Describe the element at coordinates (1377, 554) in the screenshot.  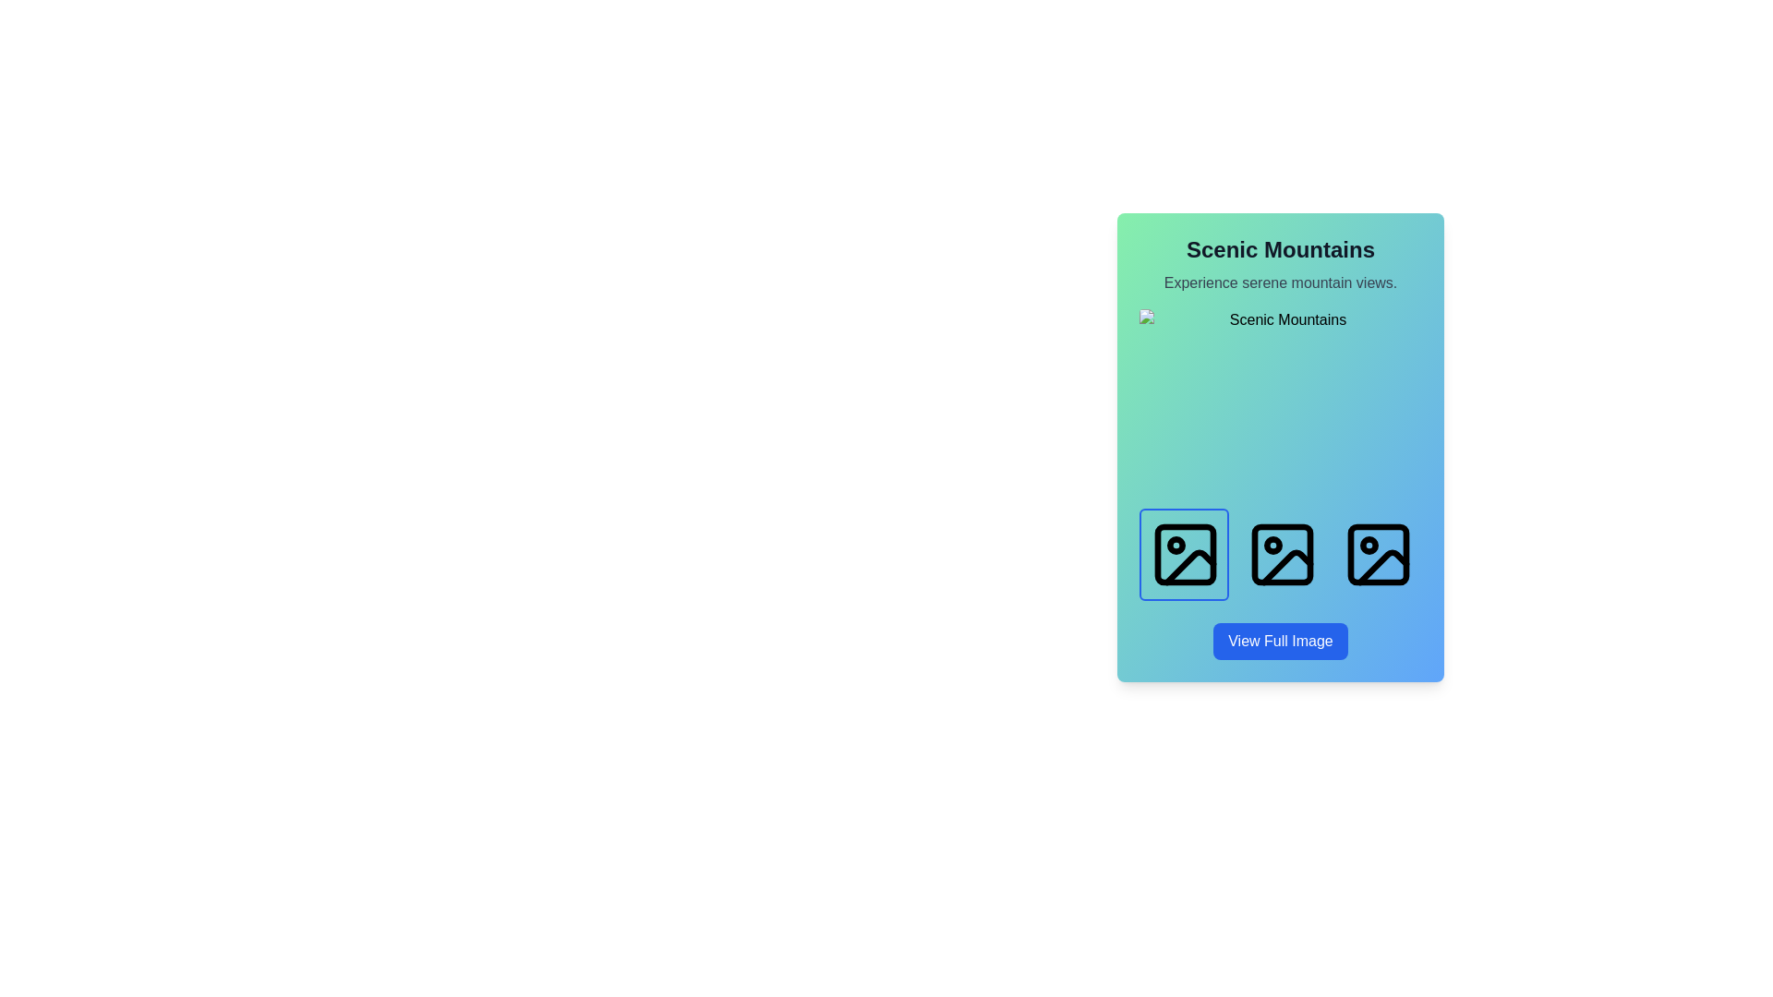
I see `the interactive icon positioned at the far-right among a group of three icons in a horizontal layout` at that location.